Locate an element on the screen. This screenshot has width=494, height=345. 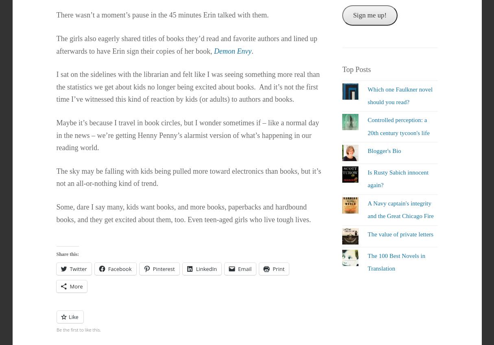
'Print' is located at coordinates (278, 268).